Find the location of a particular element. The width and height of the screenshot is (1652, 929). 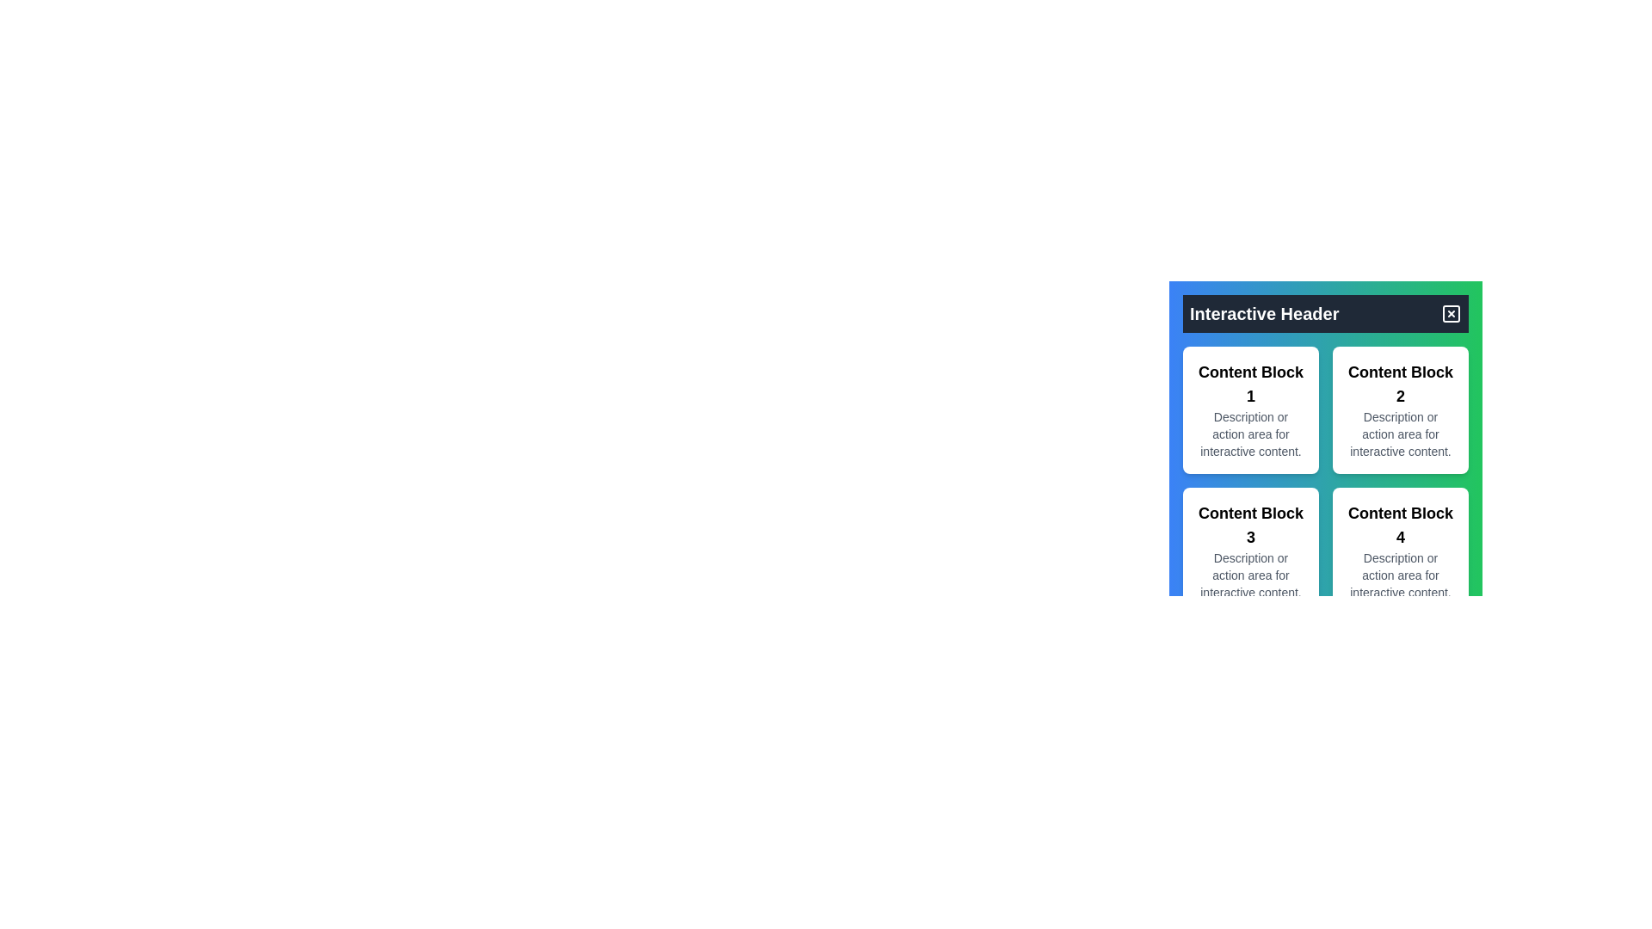

the Informational card located in the second column and second row of the grid layout is located at coordinates (1400, 551).